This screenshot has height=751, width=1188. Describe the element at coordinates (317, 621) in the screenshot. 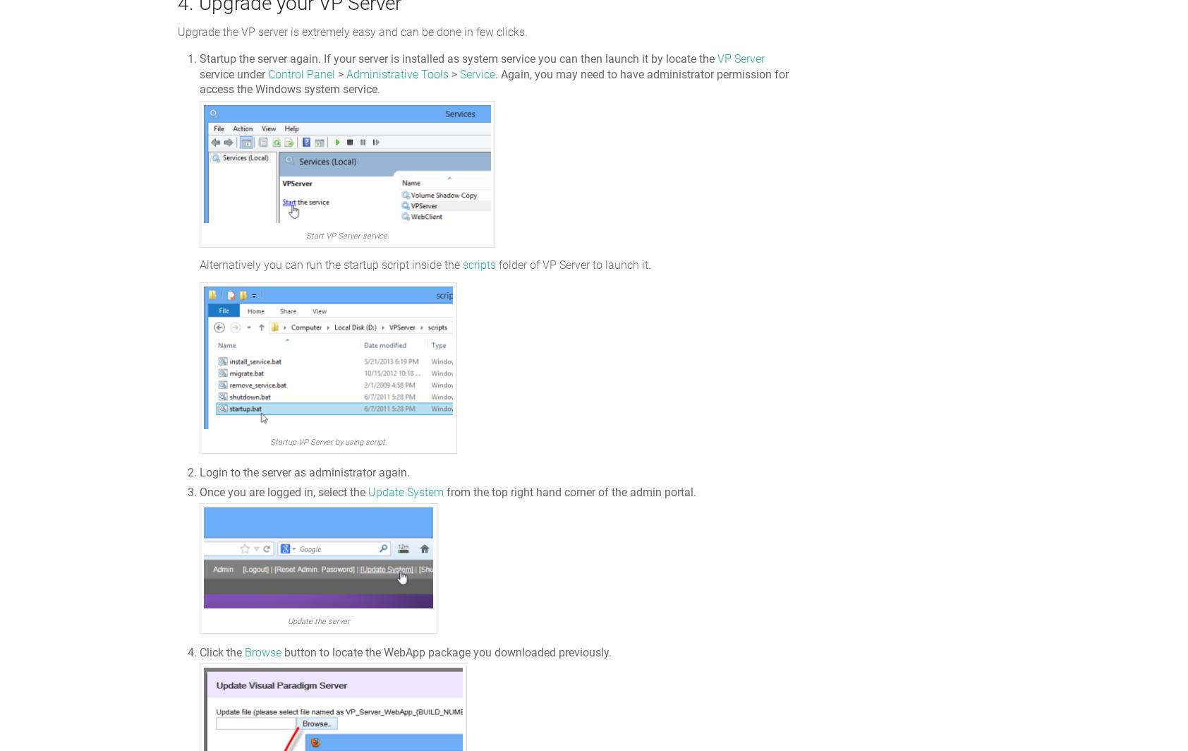

I see `'Update the server'` at that location.